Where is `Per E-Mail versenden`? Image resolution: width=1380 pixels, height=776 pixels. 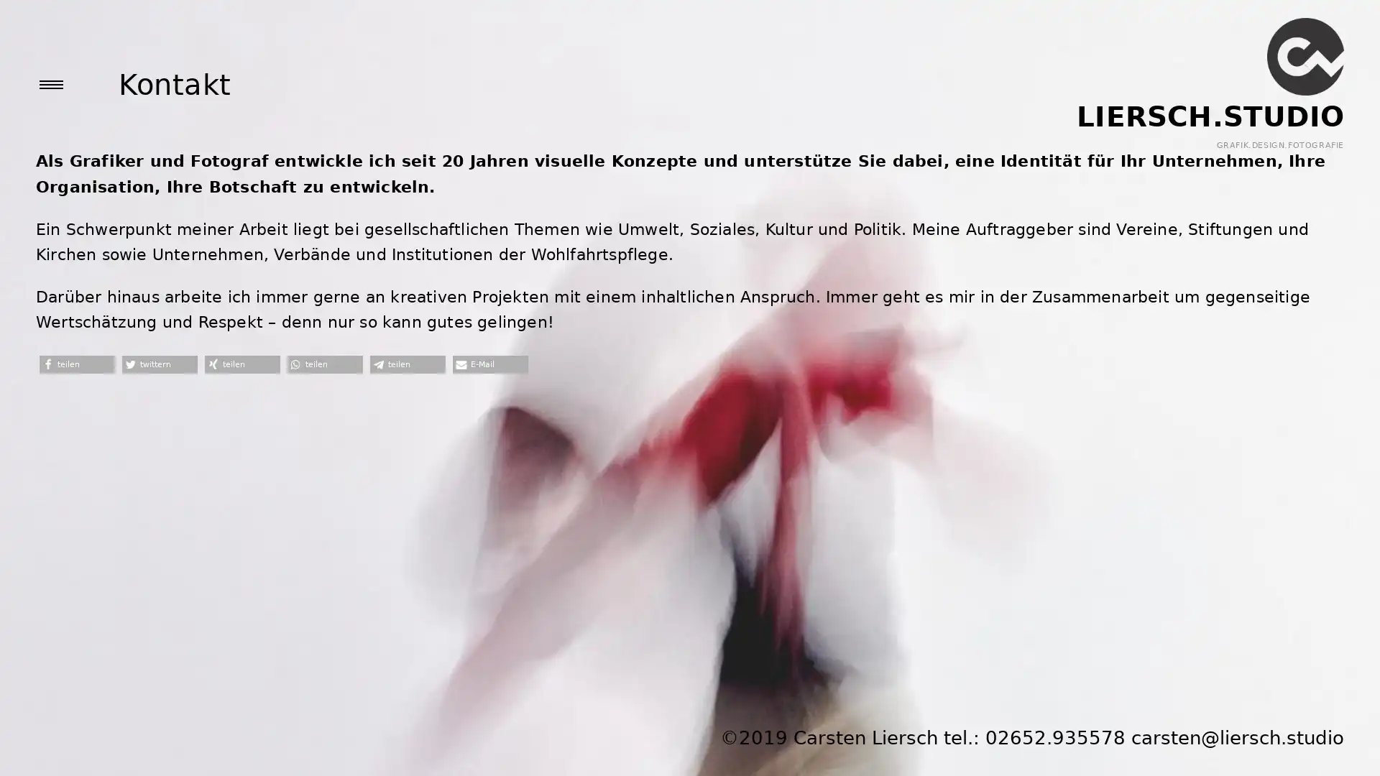
Per E-Mail versenden is located at coordinates (490, 540).